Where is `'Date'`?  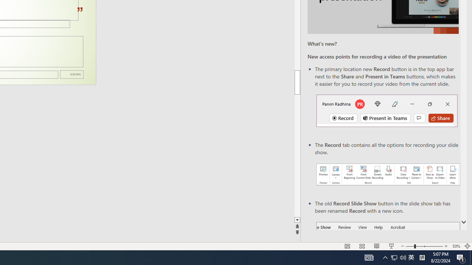 'Date' is located at coordinates (72, 74).